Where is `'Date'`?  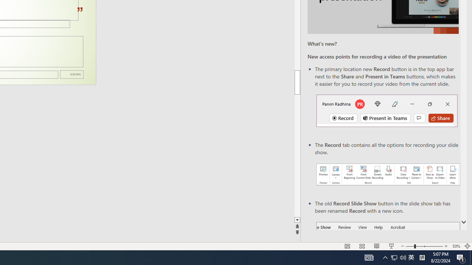 'Date' is located at coordinates (72, 74).